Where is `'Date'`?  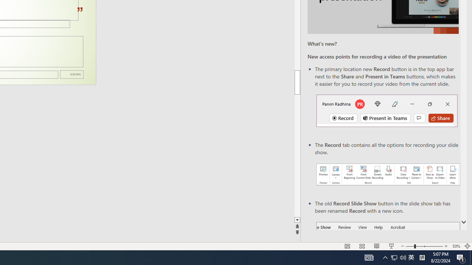 'Date' is located at coordinates (72, 74).